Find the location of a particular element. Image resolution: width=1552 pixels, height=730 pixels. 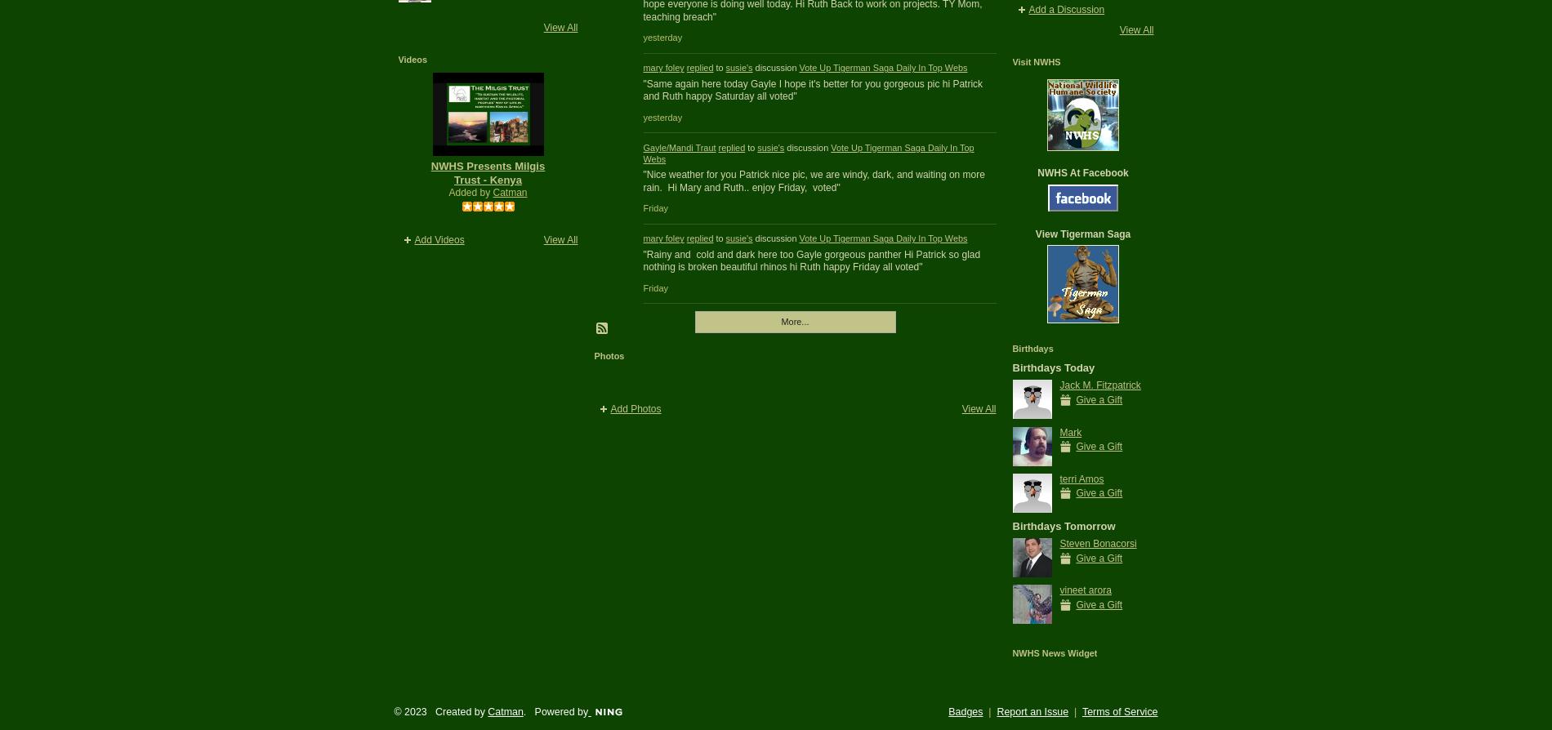

'Gayle/Mandi Traut' is located at coordinates (678, 146).